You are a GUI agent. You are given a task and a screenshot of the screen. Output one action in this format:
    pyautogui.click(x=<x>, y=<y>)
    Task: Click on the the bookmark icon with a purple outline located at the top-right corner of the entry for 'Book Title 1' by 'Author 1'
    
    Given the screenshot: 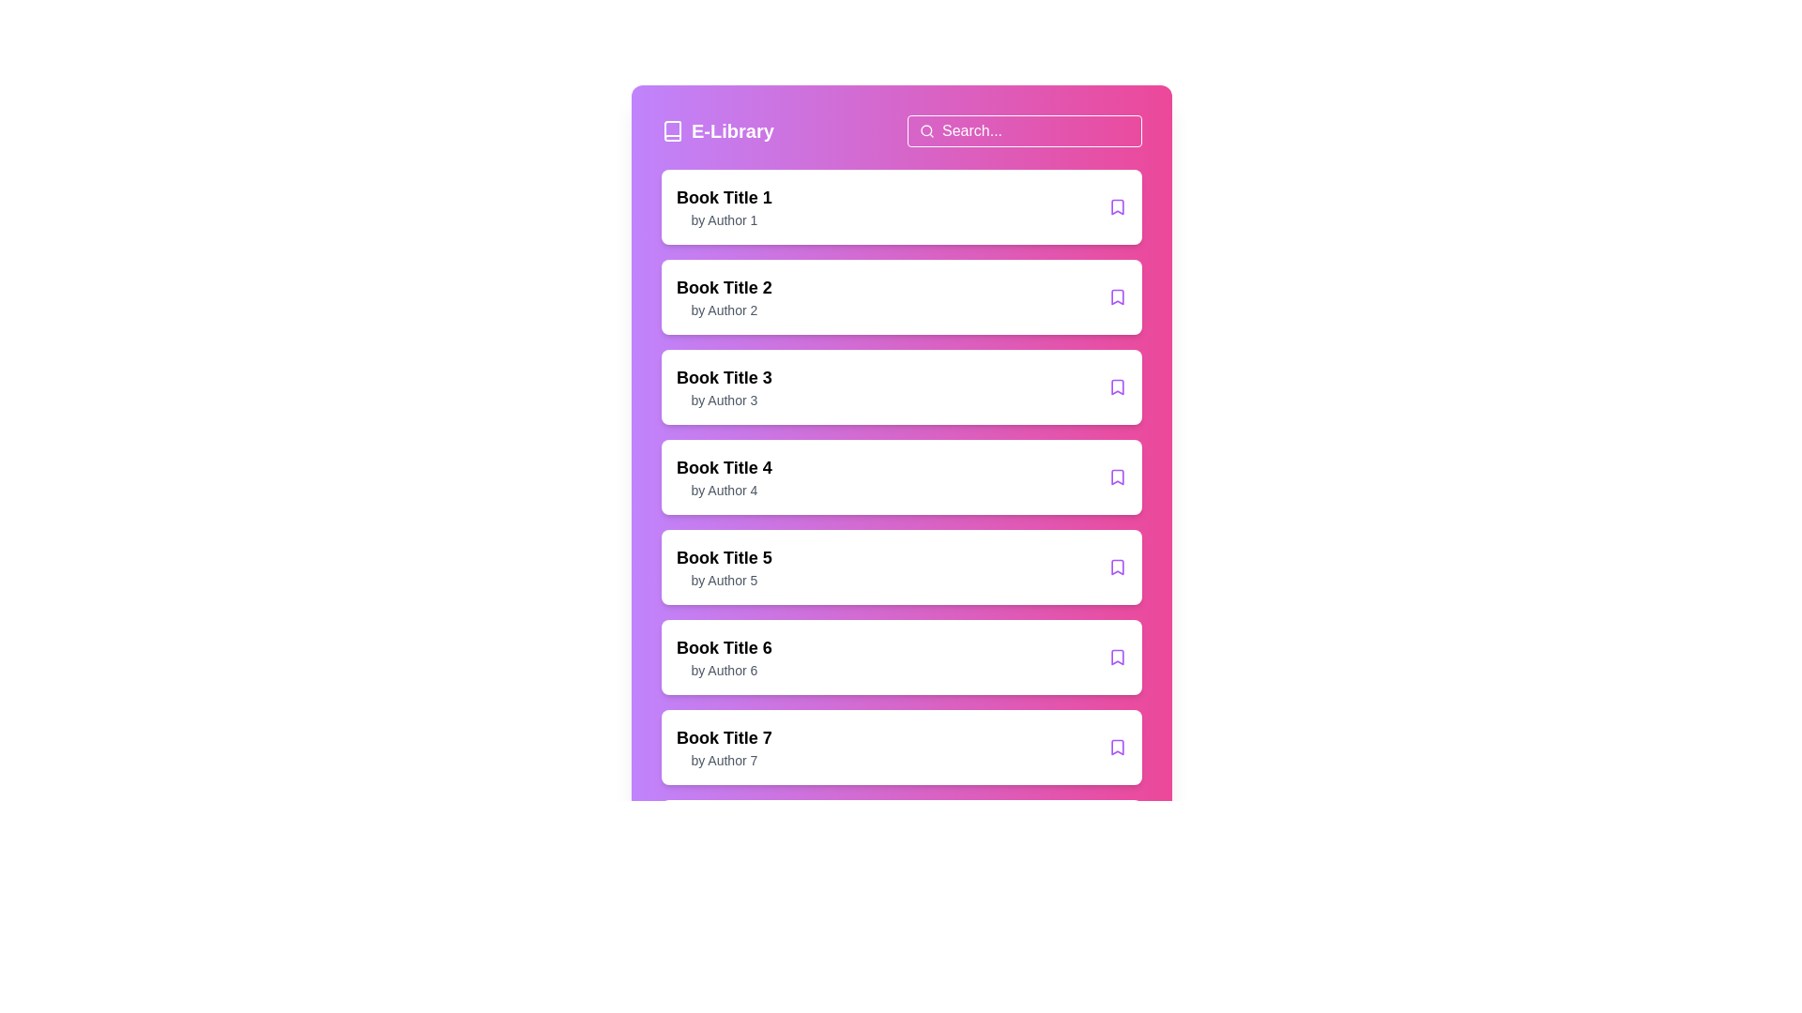 What is the action you would take?
    pyautogui.click(x=1117, y=206)
    